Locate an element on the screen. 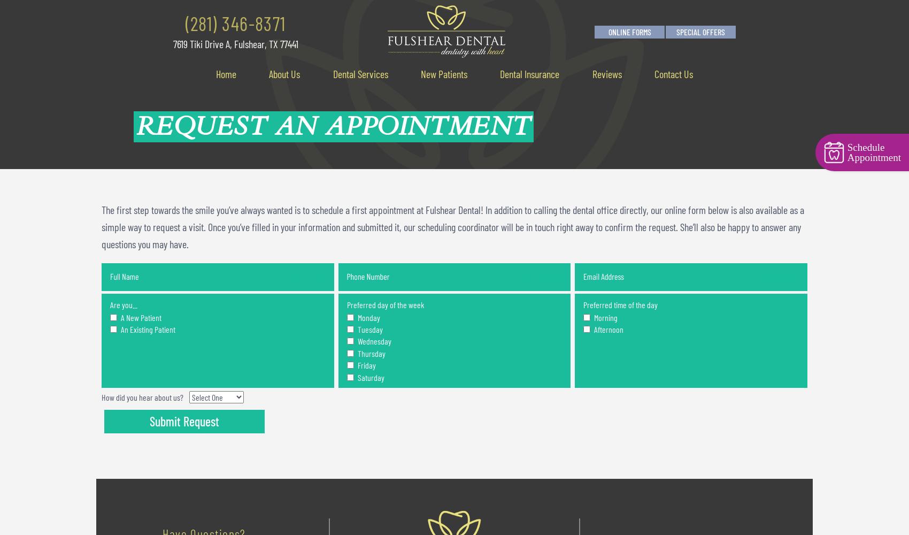  'Friday' is located at coordinates (365, 365).